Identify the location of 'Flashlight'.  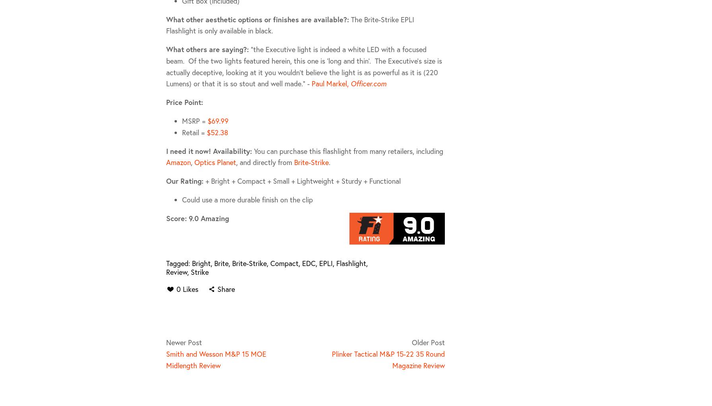
(351, 262).